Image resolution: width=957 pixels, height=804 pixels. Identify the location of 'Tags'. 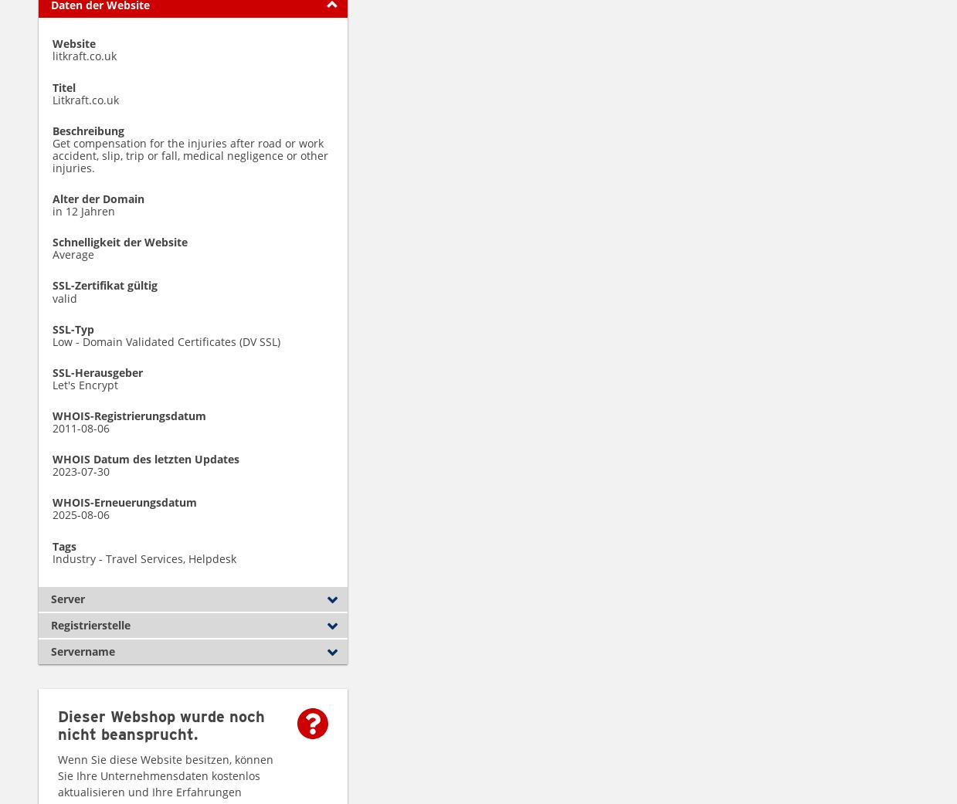
(63, 544).